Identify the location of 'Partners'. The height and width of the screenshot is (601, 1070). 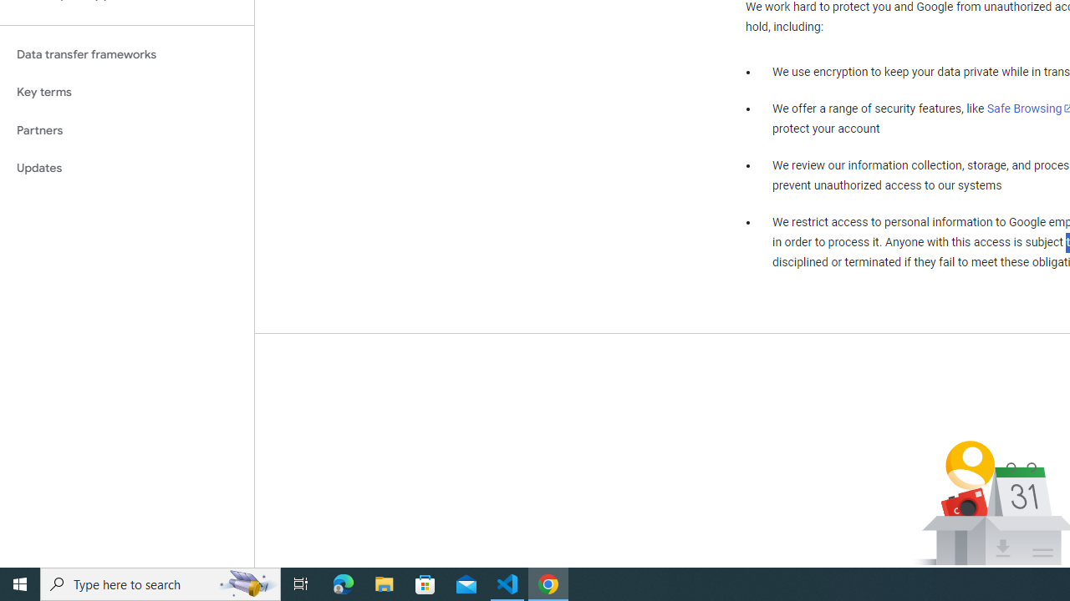
(126, 129).